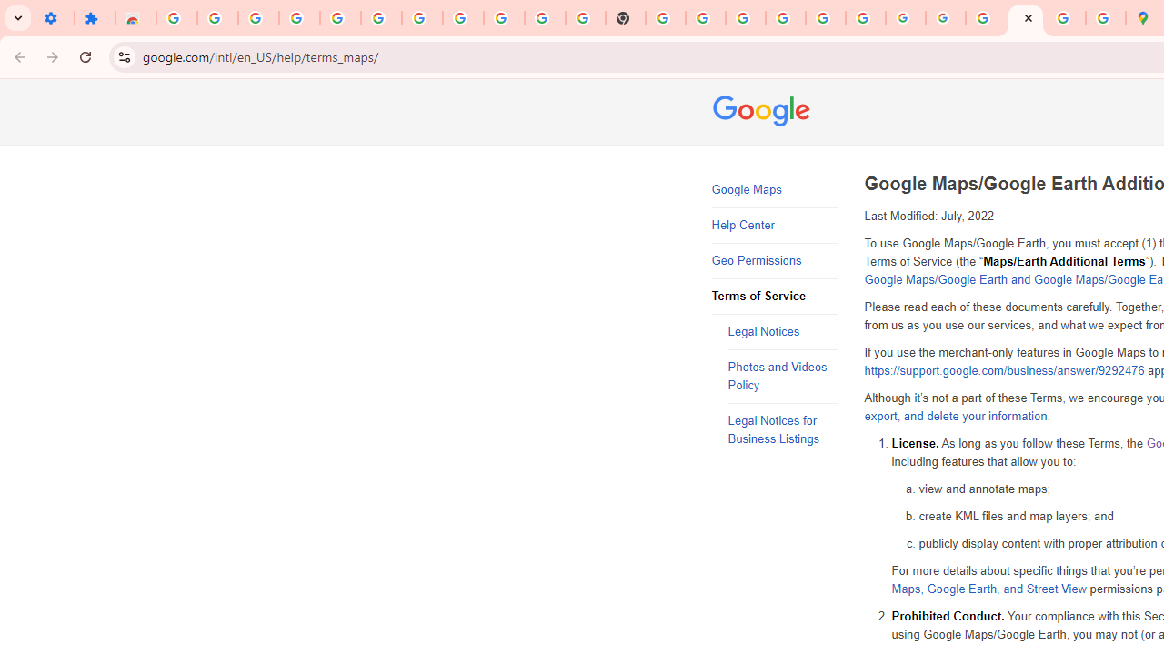 This screenshot has height=655, width=1164. Describe the element at coordinates (774, 296) in the screenshot. I see `'Terms of Service'` at that location.